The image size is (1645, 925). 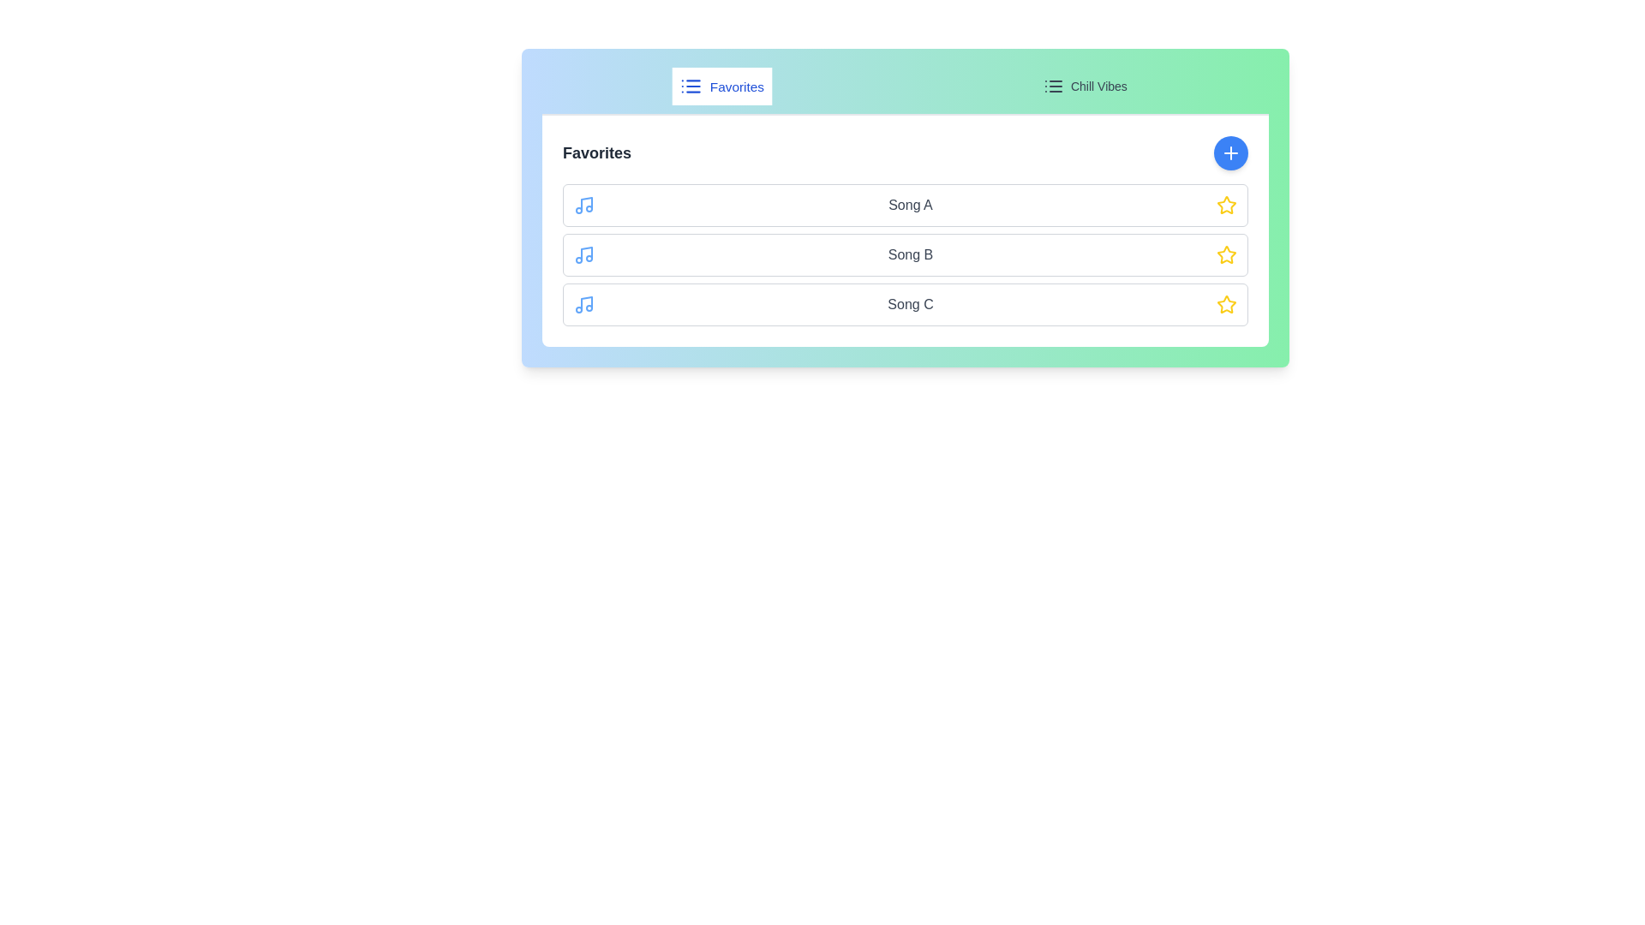 What do you see at coordinates (1229, 152) in the screenshot?
I see `add song button to add a new song to the current playlist` at bounding box center [1229, 152].